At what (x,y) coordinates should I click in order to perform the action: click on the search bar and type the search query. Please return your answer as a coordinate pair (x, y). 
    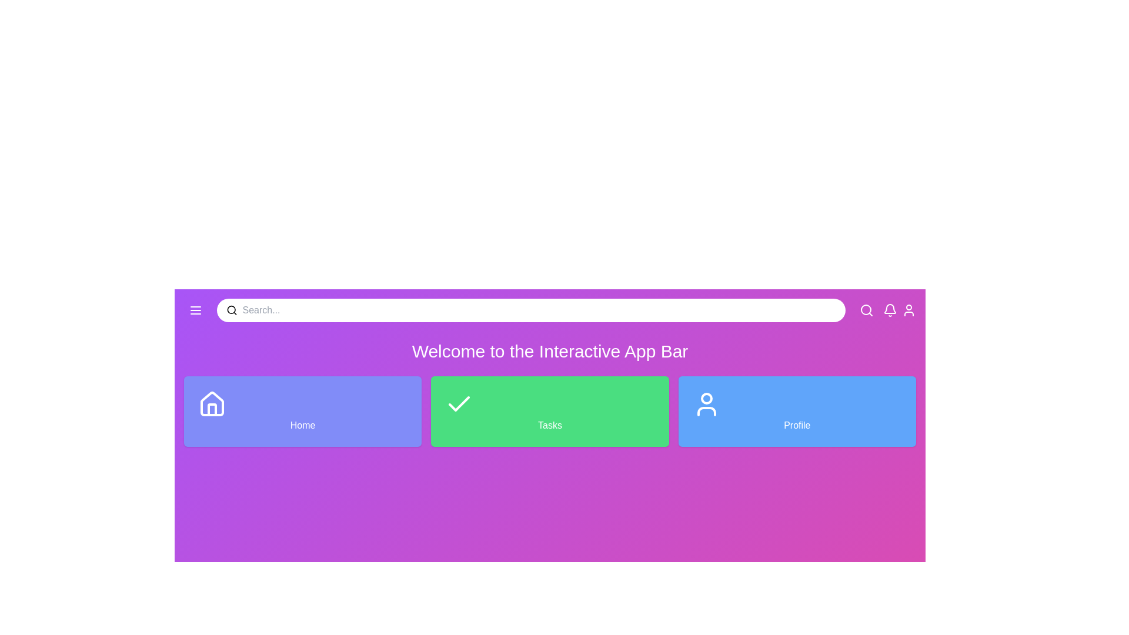
    Looking at the image, I should click on (538, 310).